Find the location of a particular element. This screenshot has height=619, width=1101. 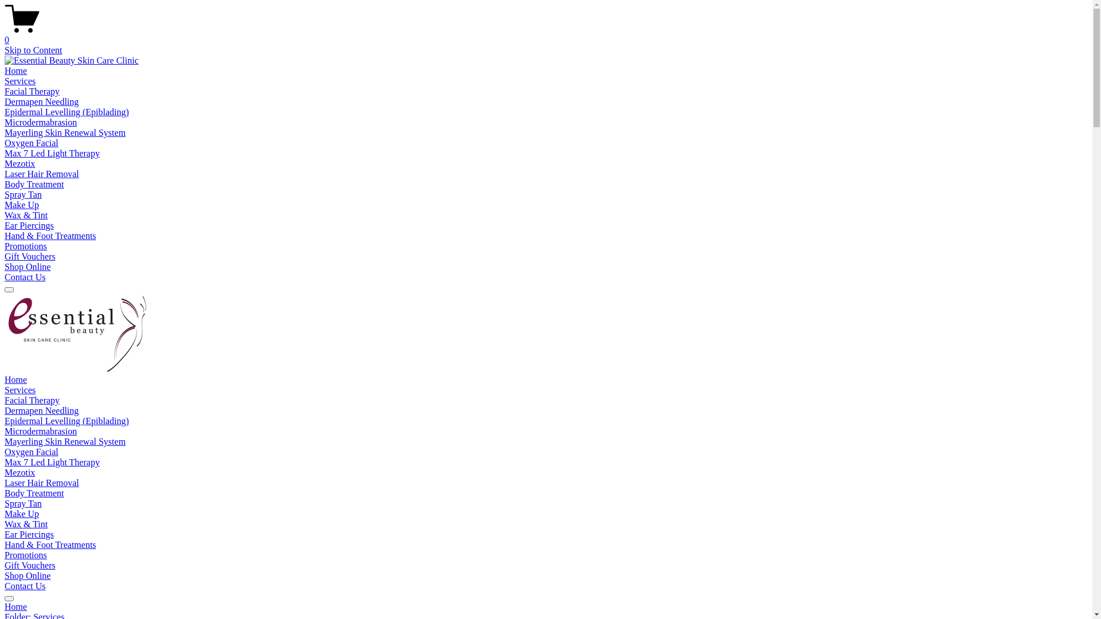

'Home' is located at coordinates (545, 606).